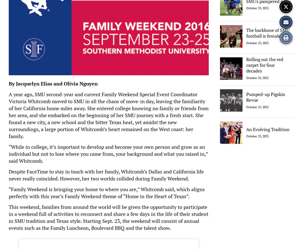 The image size is (295, 249). What do you see at coordinates (108, 154) in the screenshot?
I see `'“While in college, it’s important to develop and become your own person and grow as an individual but not to lose where you came from, your background and what you raised in,” said Whitcomb.'` at bounding box center [108, 154].